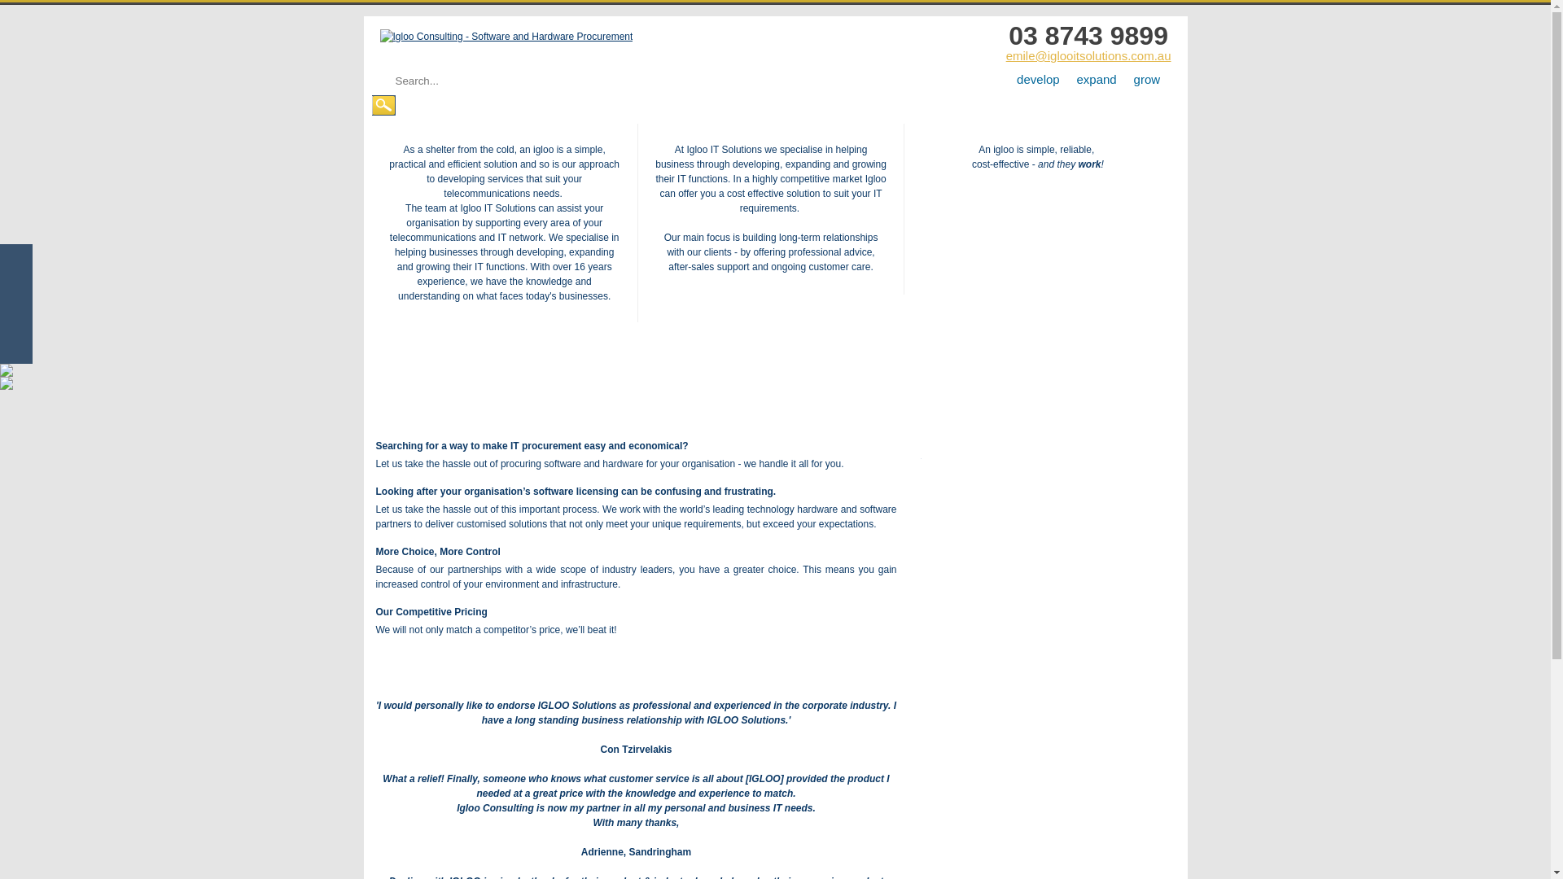 This screenshot has height=879, width=1563. What do you see at coordinates (505, 37) in the screenshot?
I see `'Igloo Consulting - Software and Hardware Procurement'` at bounding box center [505, 37].